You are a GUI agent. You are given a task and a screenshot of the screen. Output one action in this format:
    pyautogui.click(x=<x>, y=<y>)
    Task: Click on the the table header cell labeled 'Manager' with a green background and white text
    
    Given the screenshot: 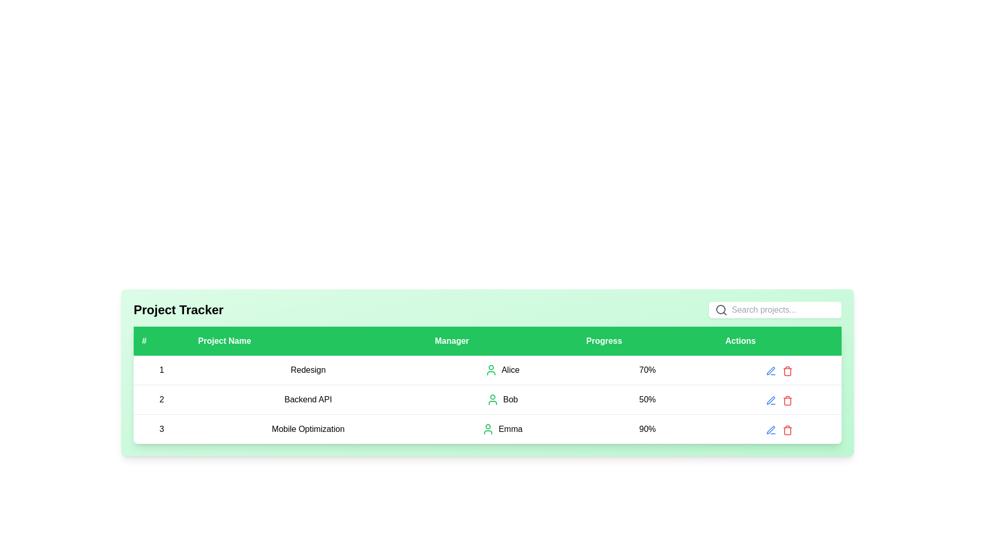 What is the action you would take?
    pyautogui.click(x=502, y=341)
    